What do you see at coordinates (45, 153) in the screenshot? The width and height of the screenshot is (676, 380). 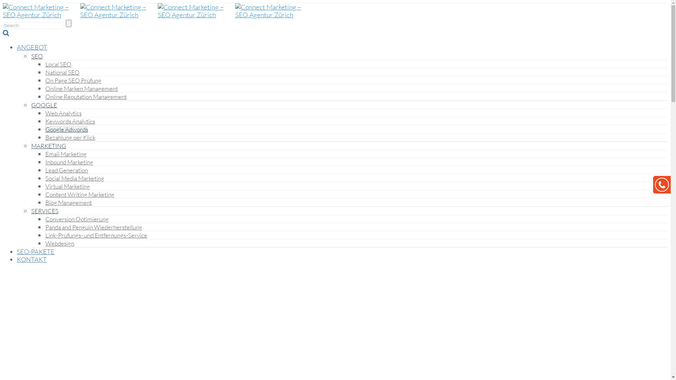 I see `'Email Marketing'` at bounding box center [45, 153].